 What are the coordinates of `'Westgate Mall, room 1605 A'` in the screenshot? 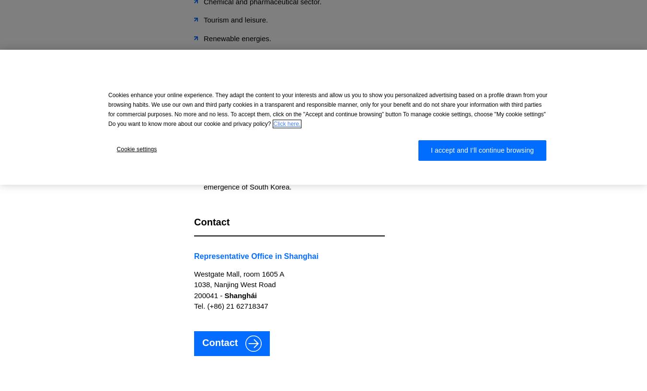 It's located at (238, 273).